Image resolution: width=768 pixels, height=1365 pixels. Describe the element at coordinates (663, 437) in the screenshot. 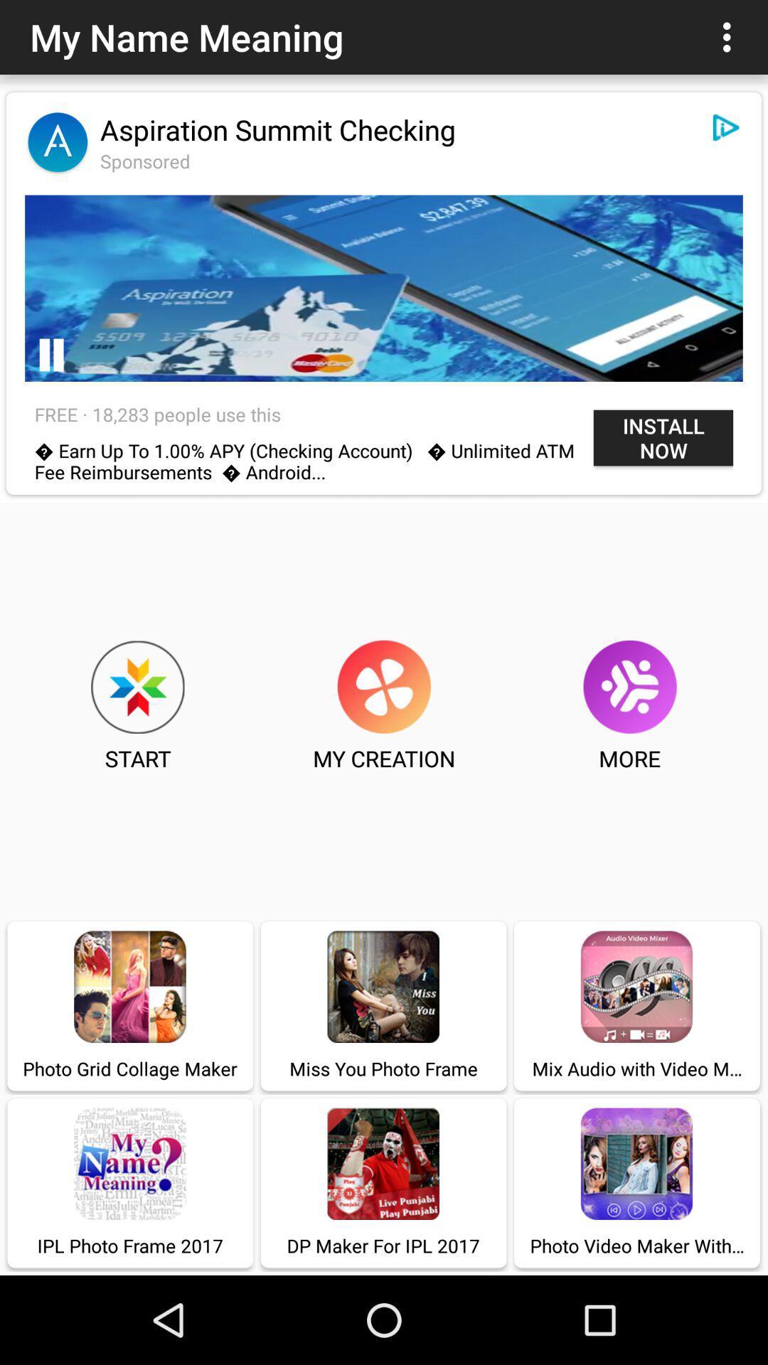

I see `the item to the right of free 18 283 item` at that location.